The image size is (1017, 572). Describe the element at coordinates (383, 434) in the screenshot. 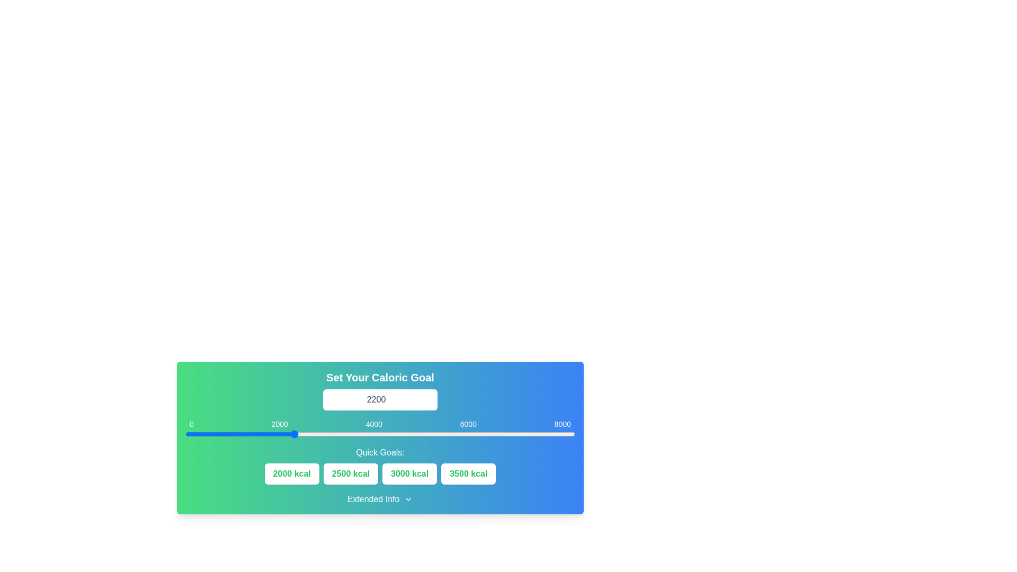

I see `the caloric goal` at that location.